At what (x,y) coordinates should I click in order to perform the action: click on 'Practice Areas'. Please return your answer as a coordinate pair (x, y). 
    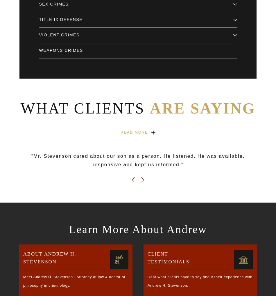
    Looking at the image, I should click on (37, 164).